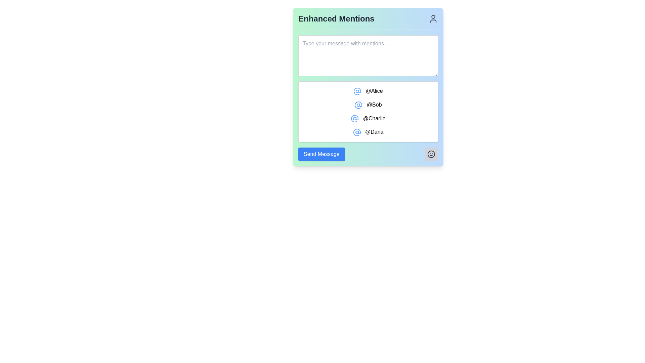  What do you see at coordinates (368, 86) in the screenshot?
I see `the interactive mention item '@Alice' located in the 'Enhanced Mentions' dialog` at bounding box center [368, 86].